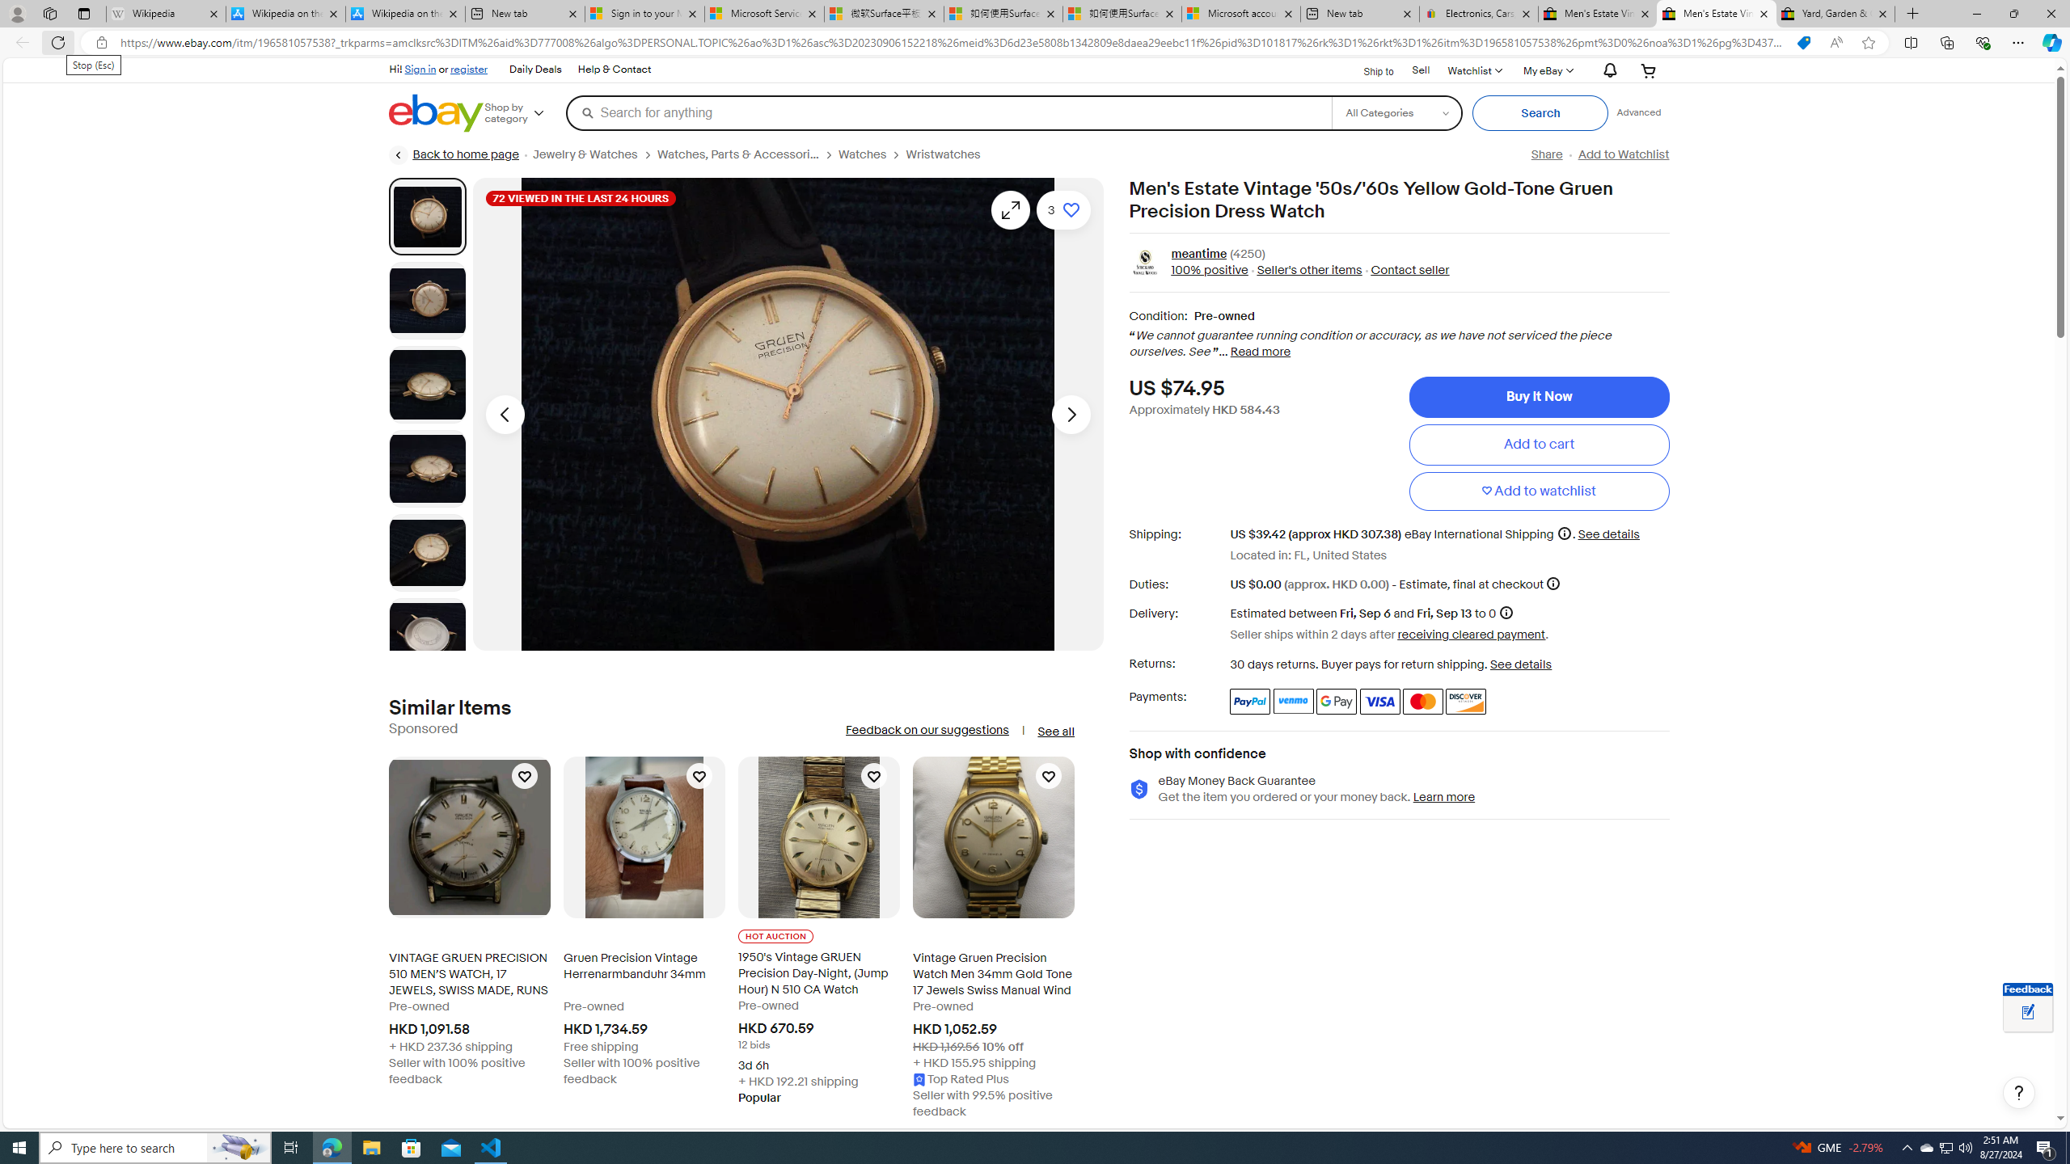 The width and height of the screenshot is (2070, 1164). What do you see at coordinates (1249, 700) in the screenshot?
I see `'PayPal'` at bounding box center [1249, 700].